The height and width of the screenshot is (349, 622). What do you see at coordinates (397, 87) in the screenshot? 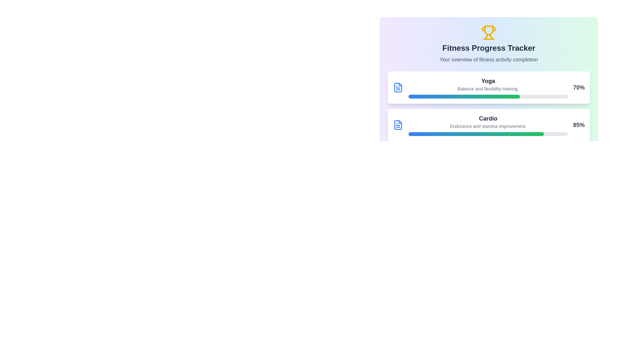
I see `the blue document icon located at the top-left corner of the 'Yoga' information card` at bounding box center [397, 87].